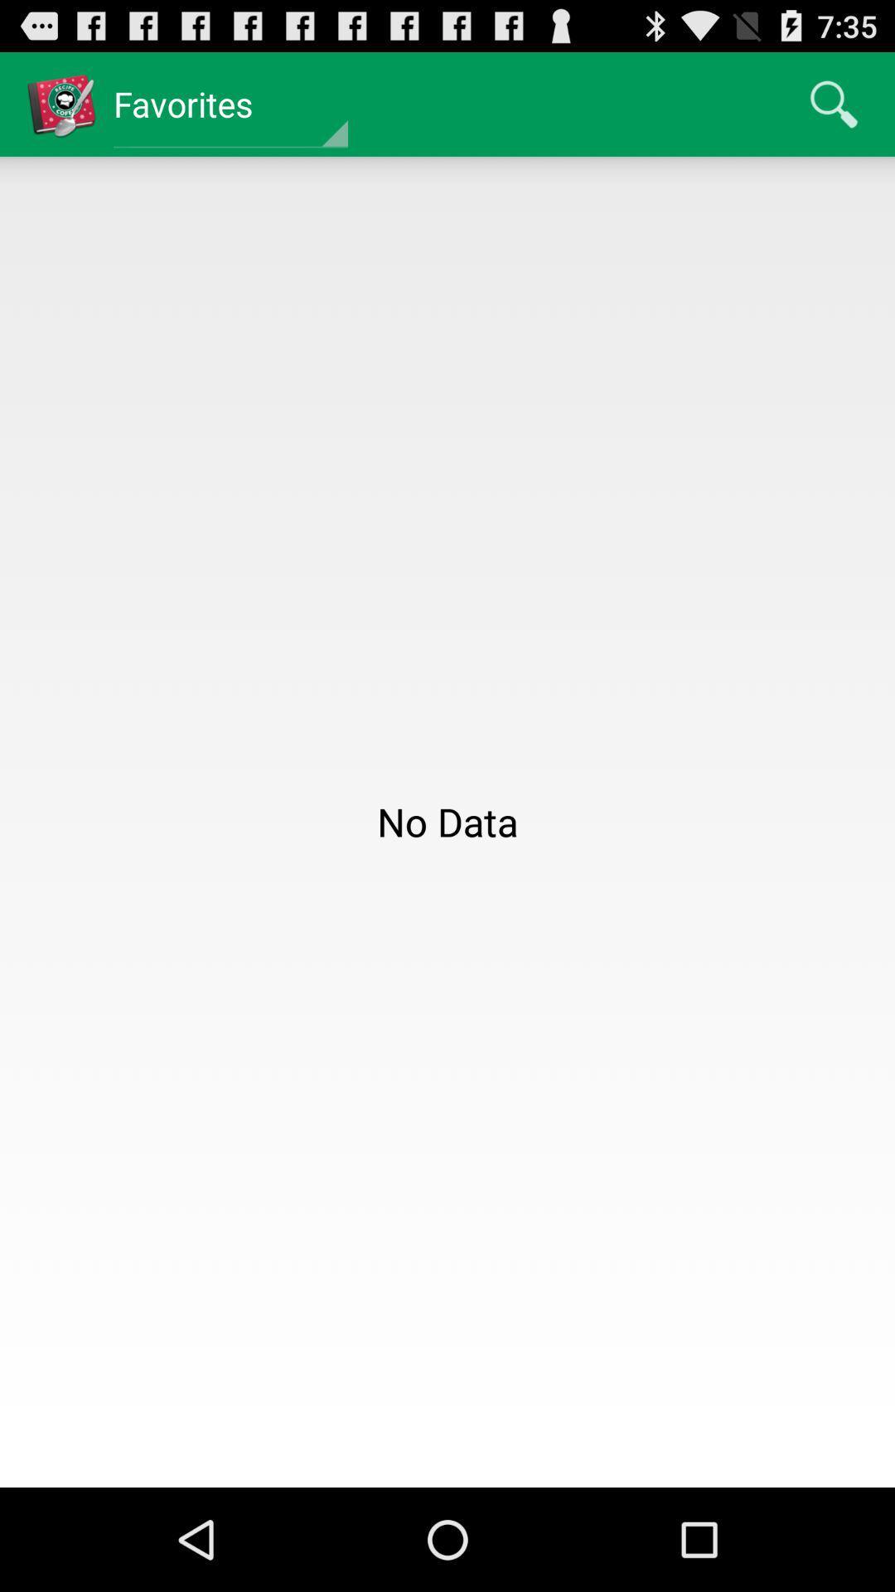  Describe the element at coordinates (834, 103) in the screenshot. I see `the item above the no data app` at that location.